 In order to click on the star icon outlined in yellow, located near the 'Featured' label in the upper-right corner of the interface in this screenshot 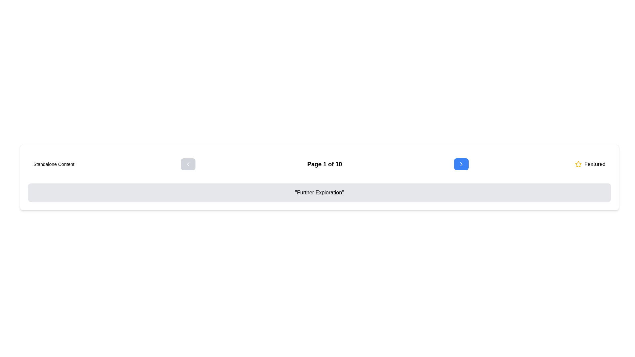, I will do `click(578, 164)`.